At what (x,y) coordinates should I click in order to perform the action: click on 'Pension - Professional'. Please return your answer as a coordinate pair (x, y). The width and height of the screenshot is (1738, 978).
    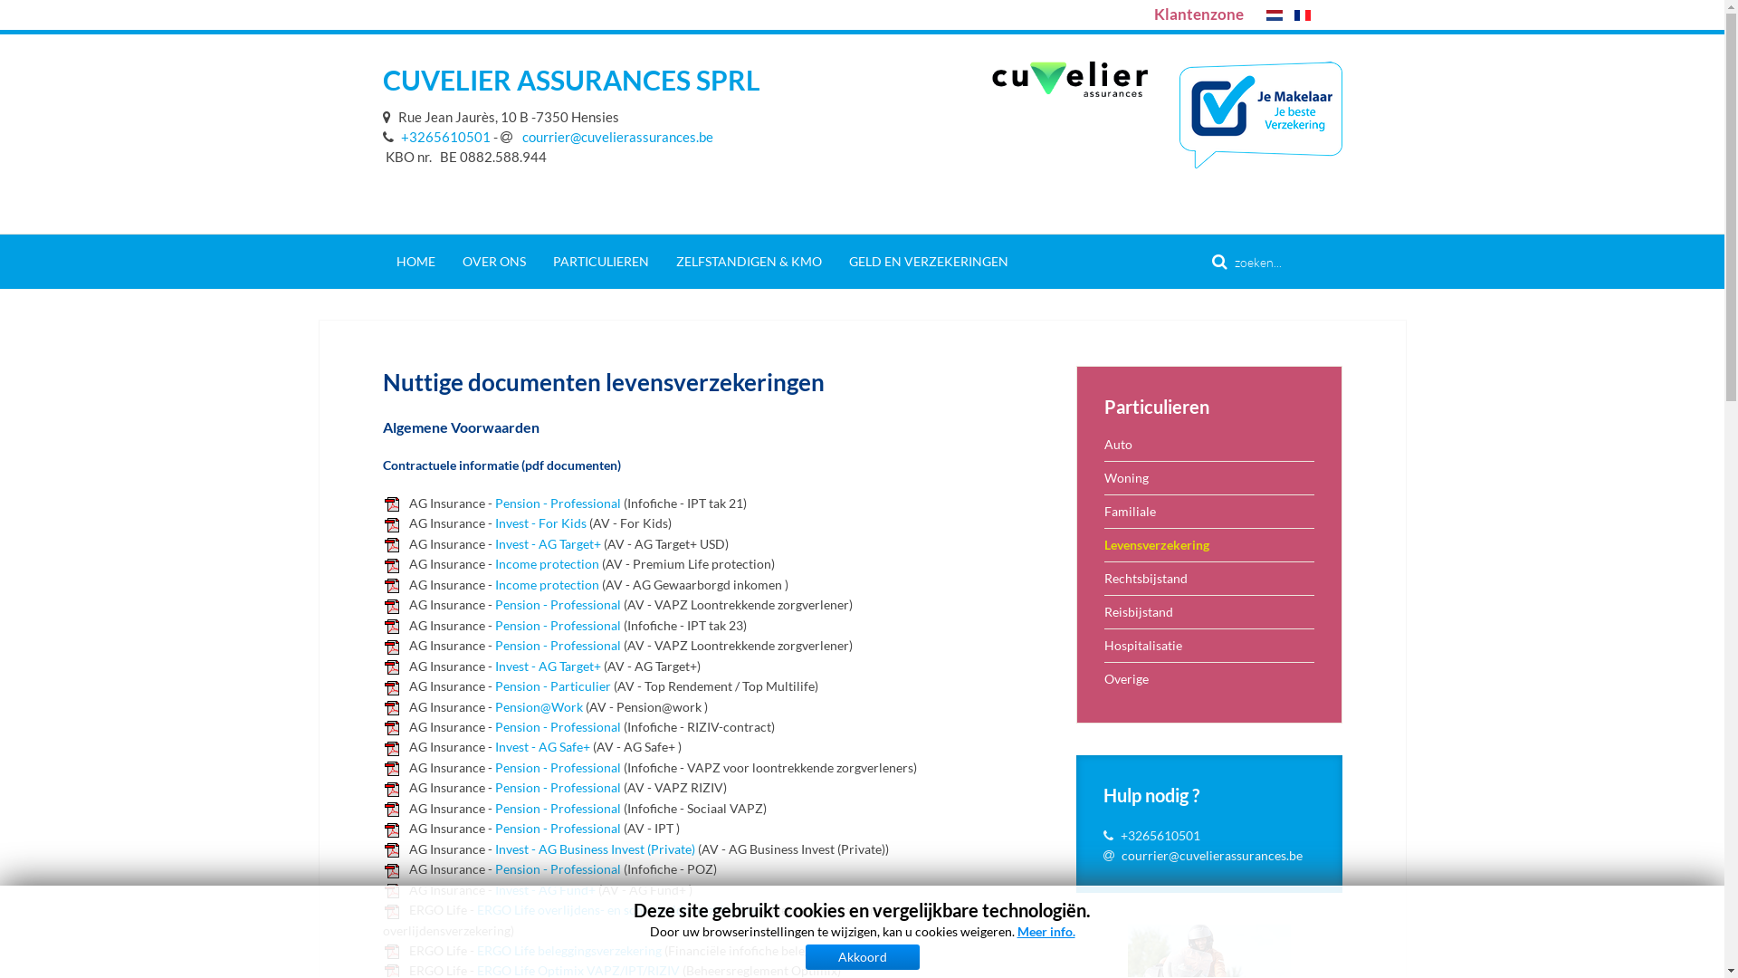
    Looking at the image, I should click on (556, 767).